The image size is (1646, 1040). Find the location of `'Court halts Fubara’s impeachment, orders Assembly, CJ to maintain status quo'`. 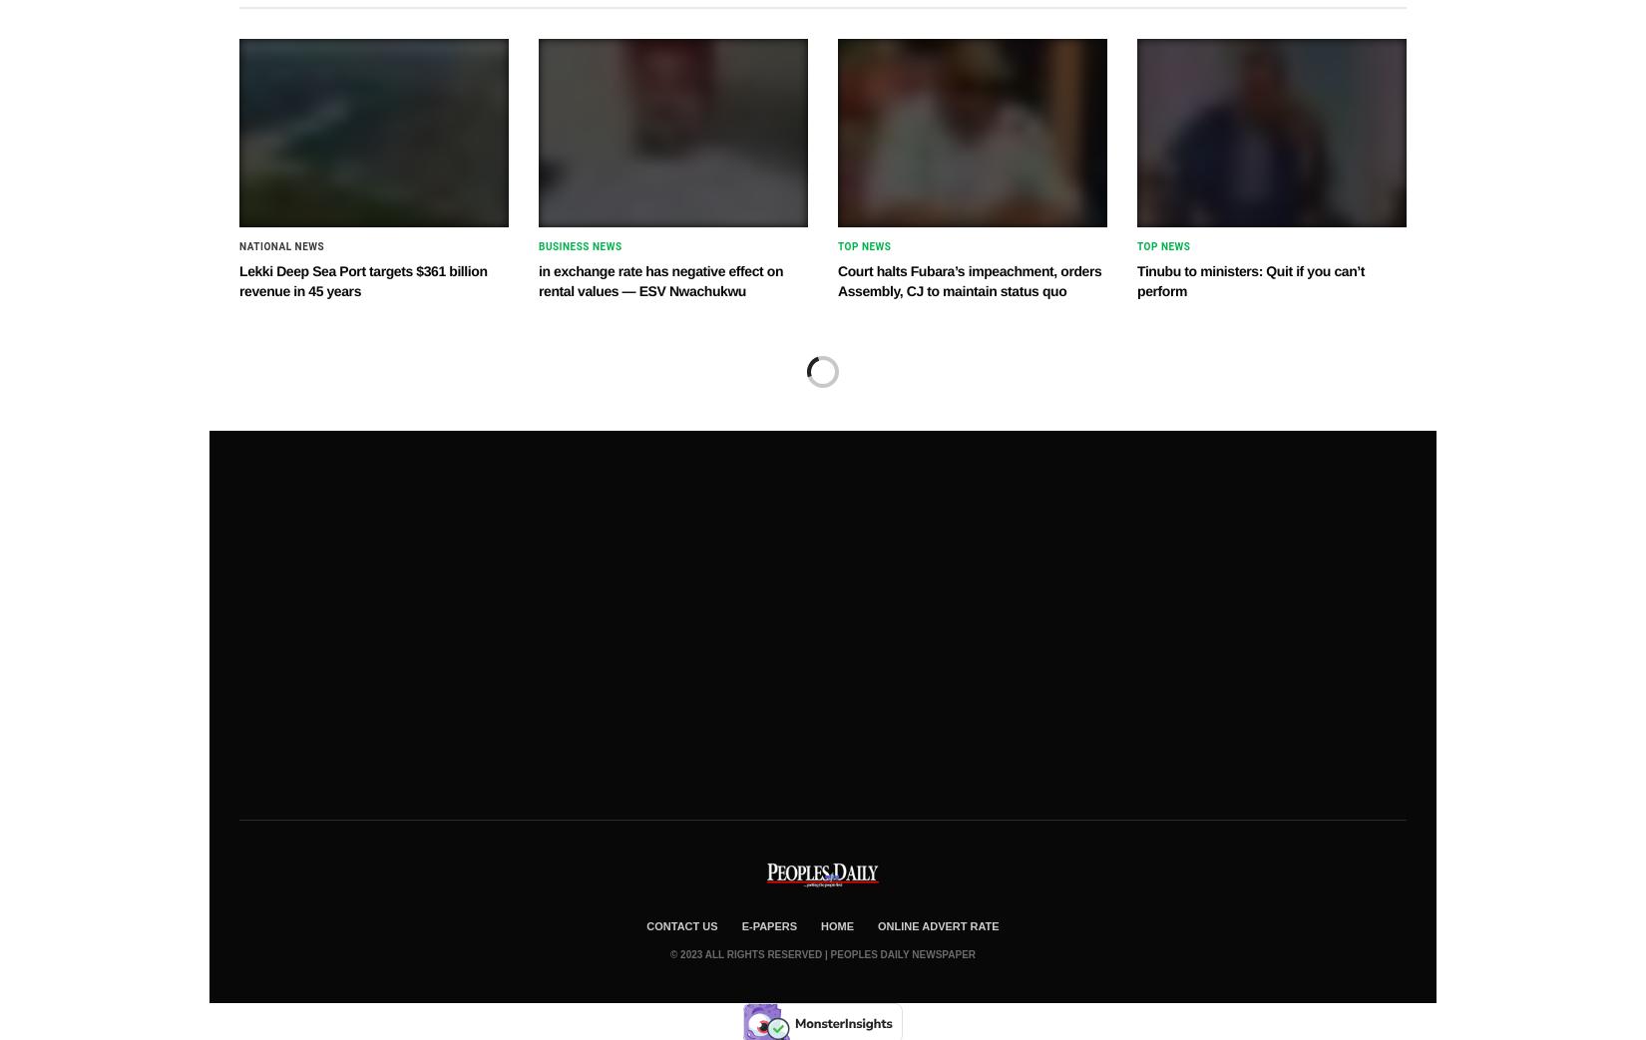

'Court halts Fubara’s impeachment, orders Assembly, CJ to maintain status quo' is located at coordinates (970, 280).